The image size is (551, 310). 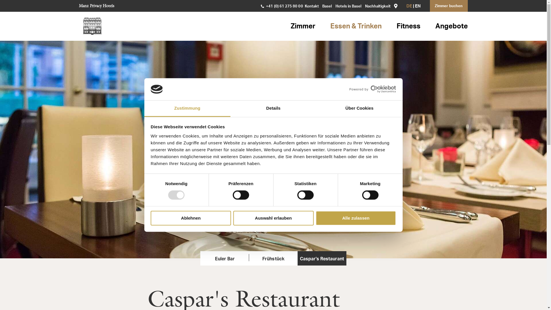 What do you see at coordinates (290, 26) in the screenshot?
I see `'Zimmer'` at bounding box center [290, 26].